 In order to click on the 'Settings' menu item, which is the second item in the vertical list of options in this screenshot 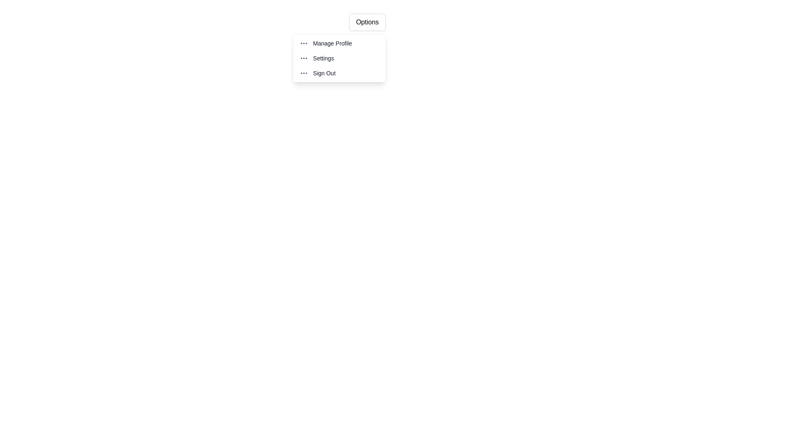, I will do `click(339, 58)`.